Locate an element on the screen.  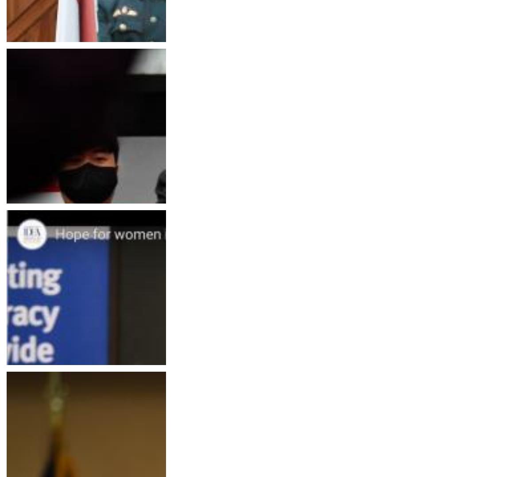
'How feminism became a hot topic in South Korea's presidential election' is located at coordinates (121, 373).